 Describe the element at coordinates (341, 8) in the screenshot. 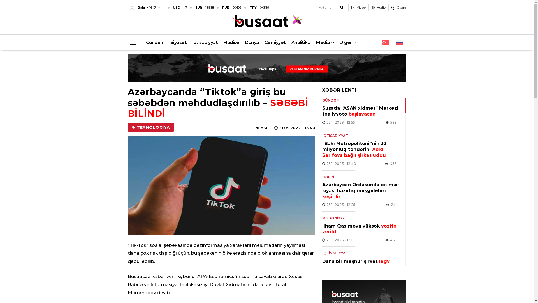

I see `'Axtar'` at that location.